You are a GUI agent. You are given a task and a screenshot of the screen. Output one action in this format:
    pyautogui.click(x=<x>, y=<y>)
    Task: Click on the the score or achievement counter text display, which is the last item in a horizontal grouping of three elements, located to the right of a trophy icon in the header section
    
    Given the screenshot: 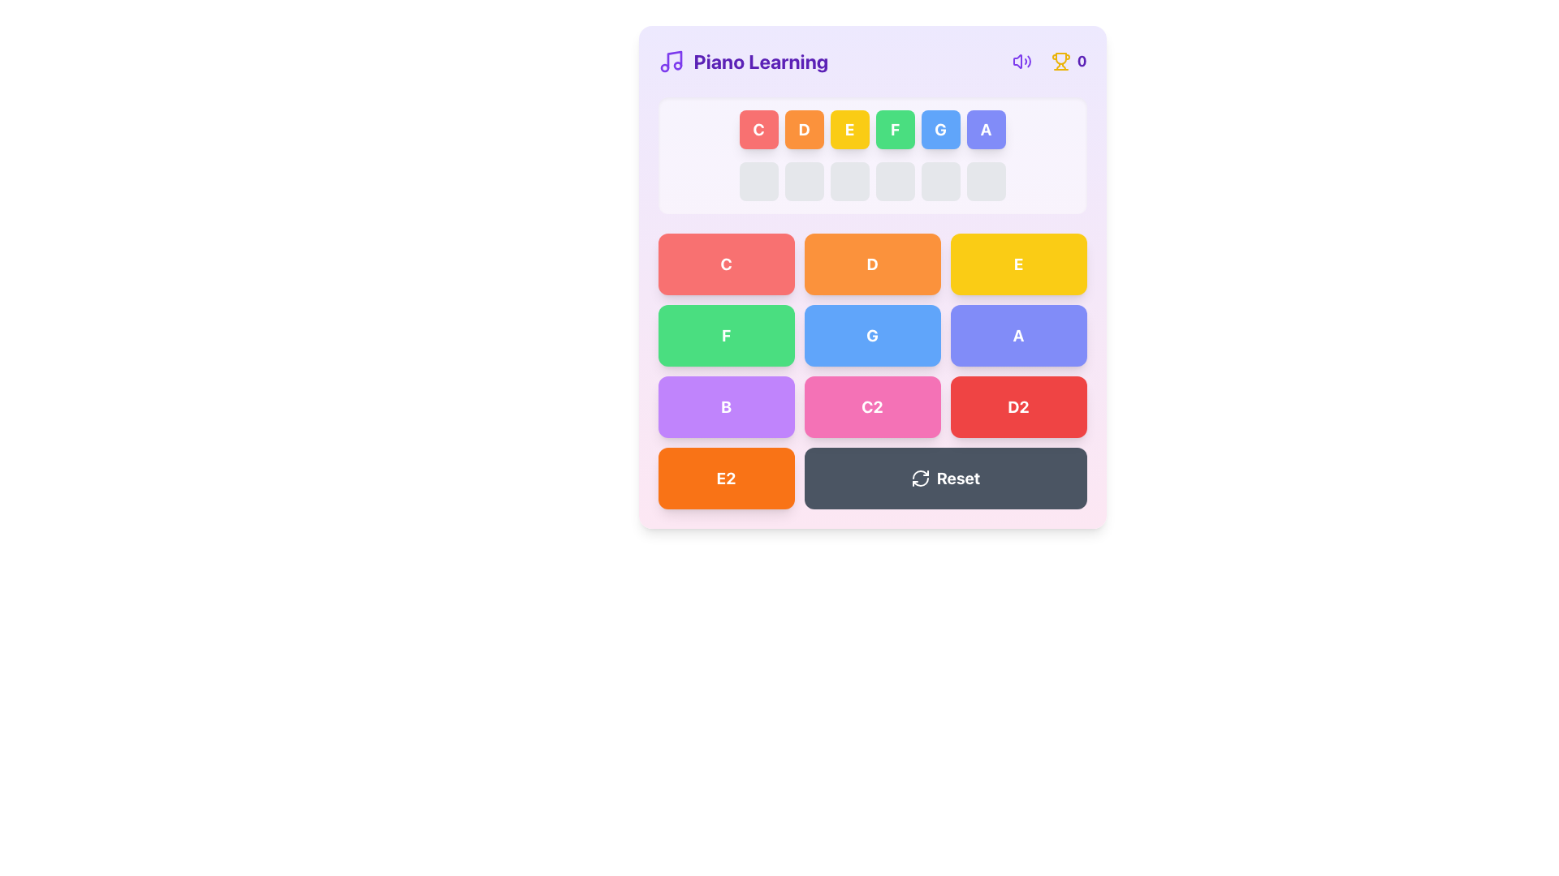 What is the action you would take?
    pyautogui.click(x=1046, y=61)
    